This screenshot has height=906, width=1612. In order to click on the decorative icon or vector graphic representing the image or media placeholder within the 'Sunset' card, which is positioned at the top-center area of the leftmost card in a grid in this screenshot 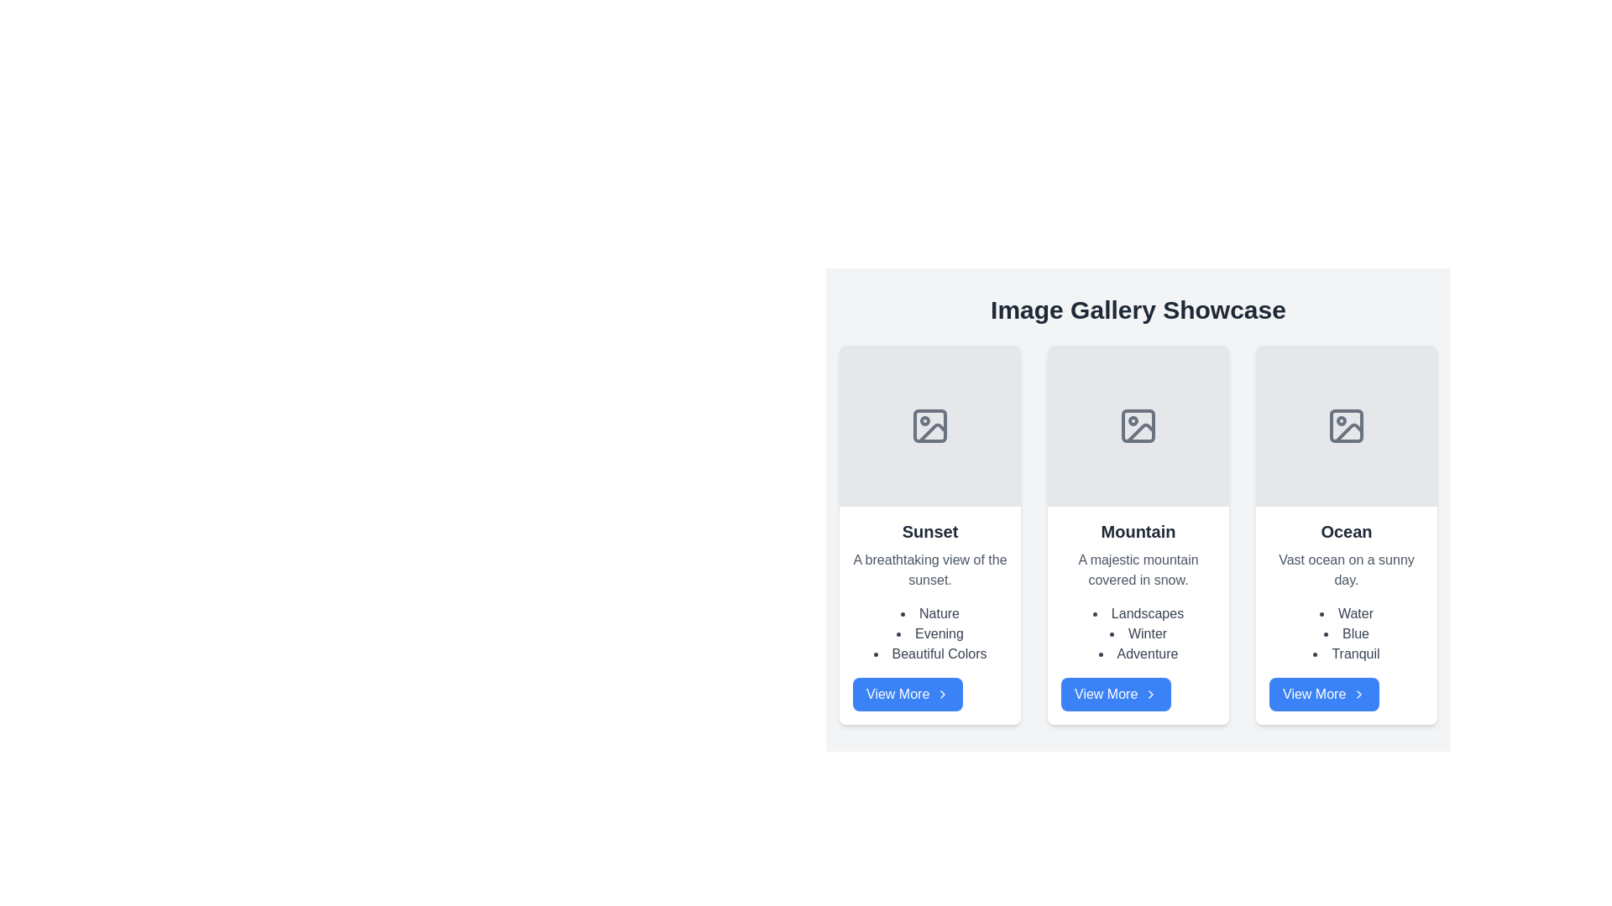, I will do `click(929, 425)`.